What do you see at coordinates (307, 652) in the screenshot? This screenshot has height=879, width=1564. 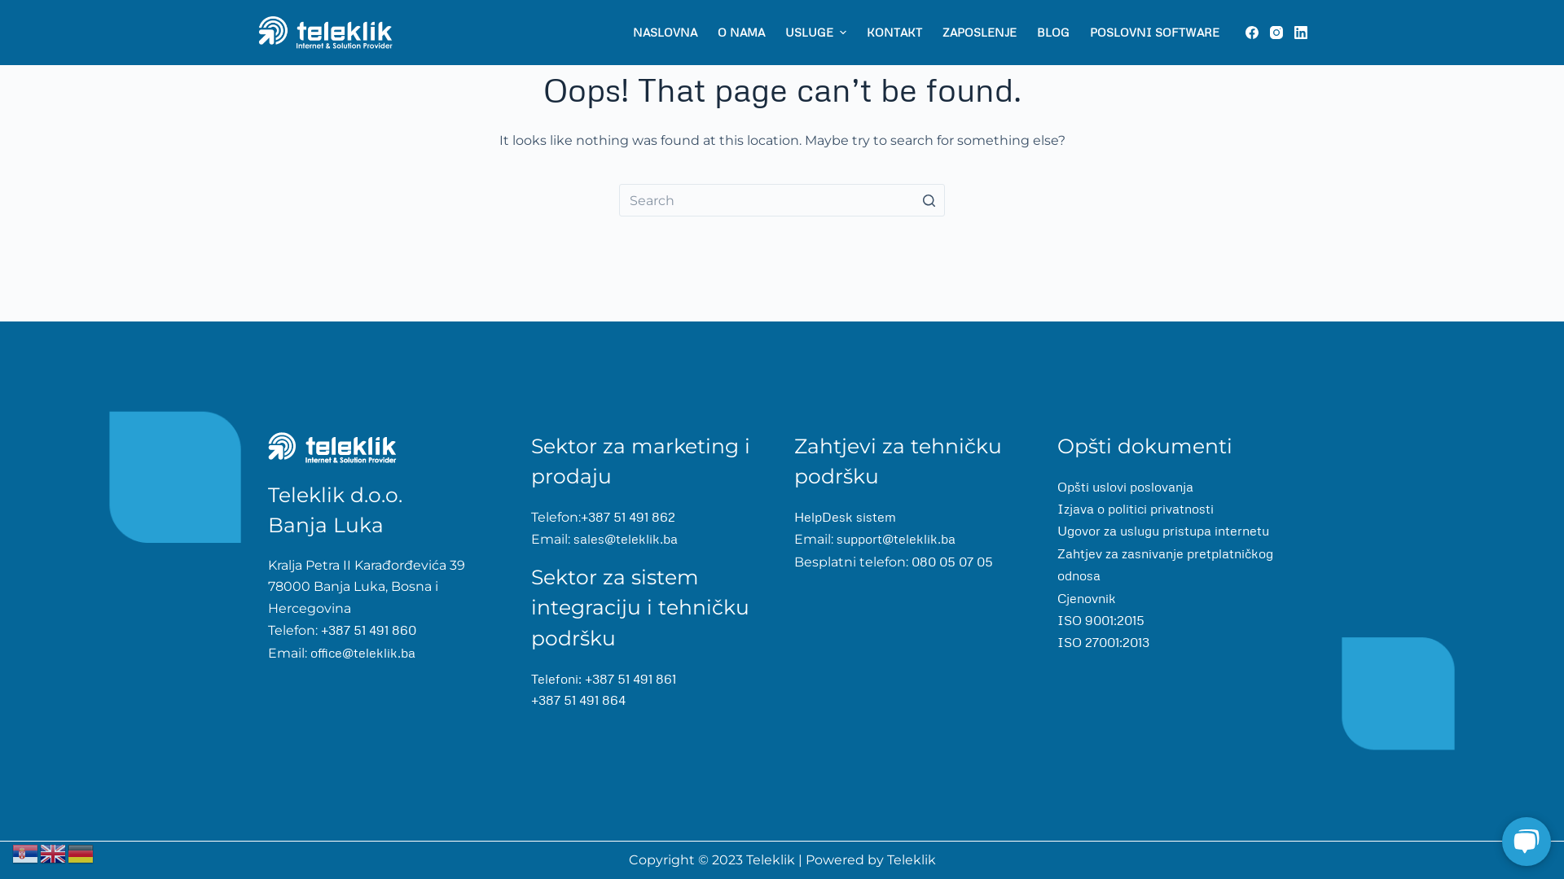 I see `'office@teleklik.ba'` at bounding box center [307, 652].